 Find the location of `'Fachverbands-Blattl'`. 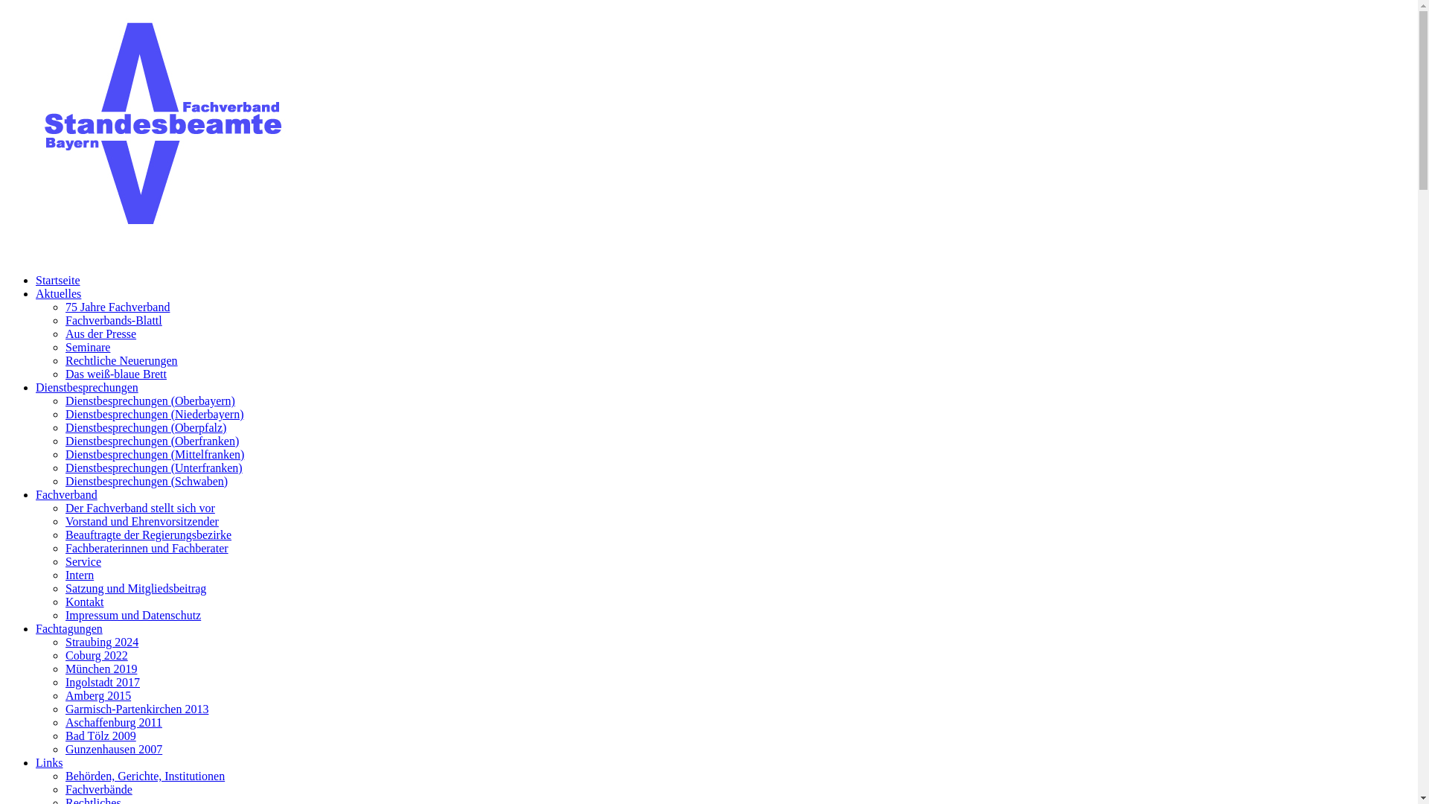

'Fachverbands-Blattl' is located at coordinates (113, 319).